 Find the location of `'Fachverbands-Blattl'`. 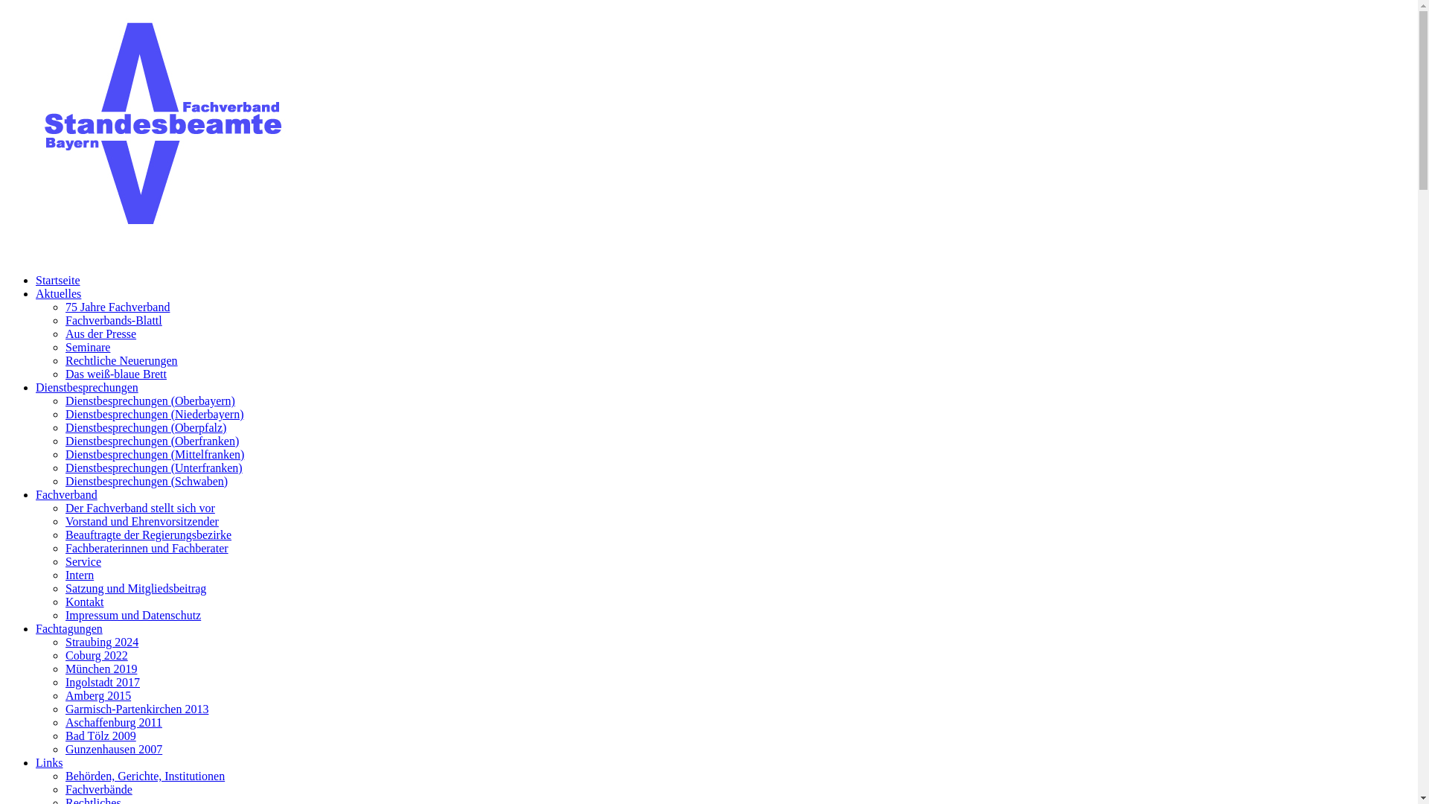

'Fachverbands-Blattl' is located at coordinates (113, 319).